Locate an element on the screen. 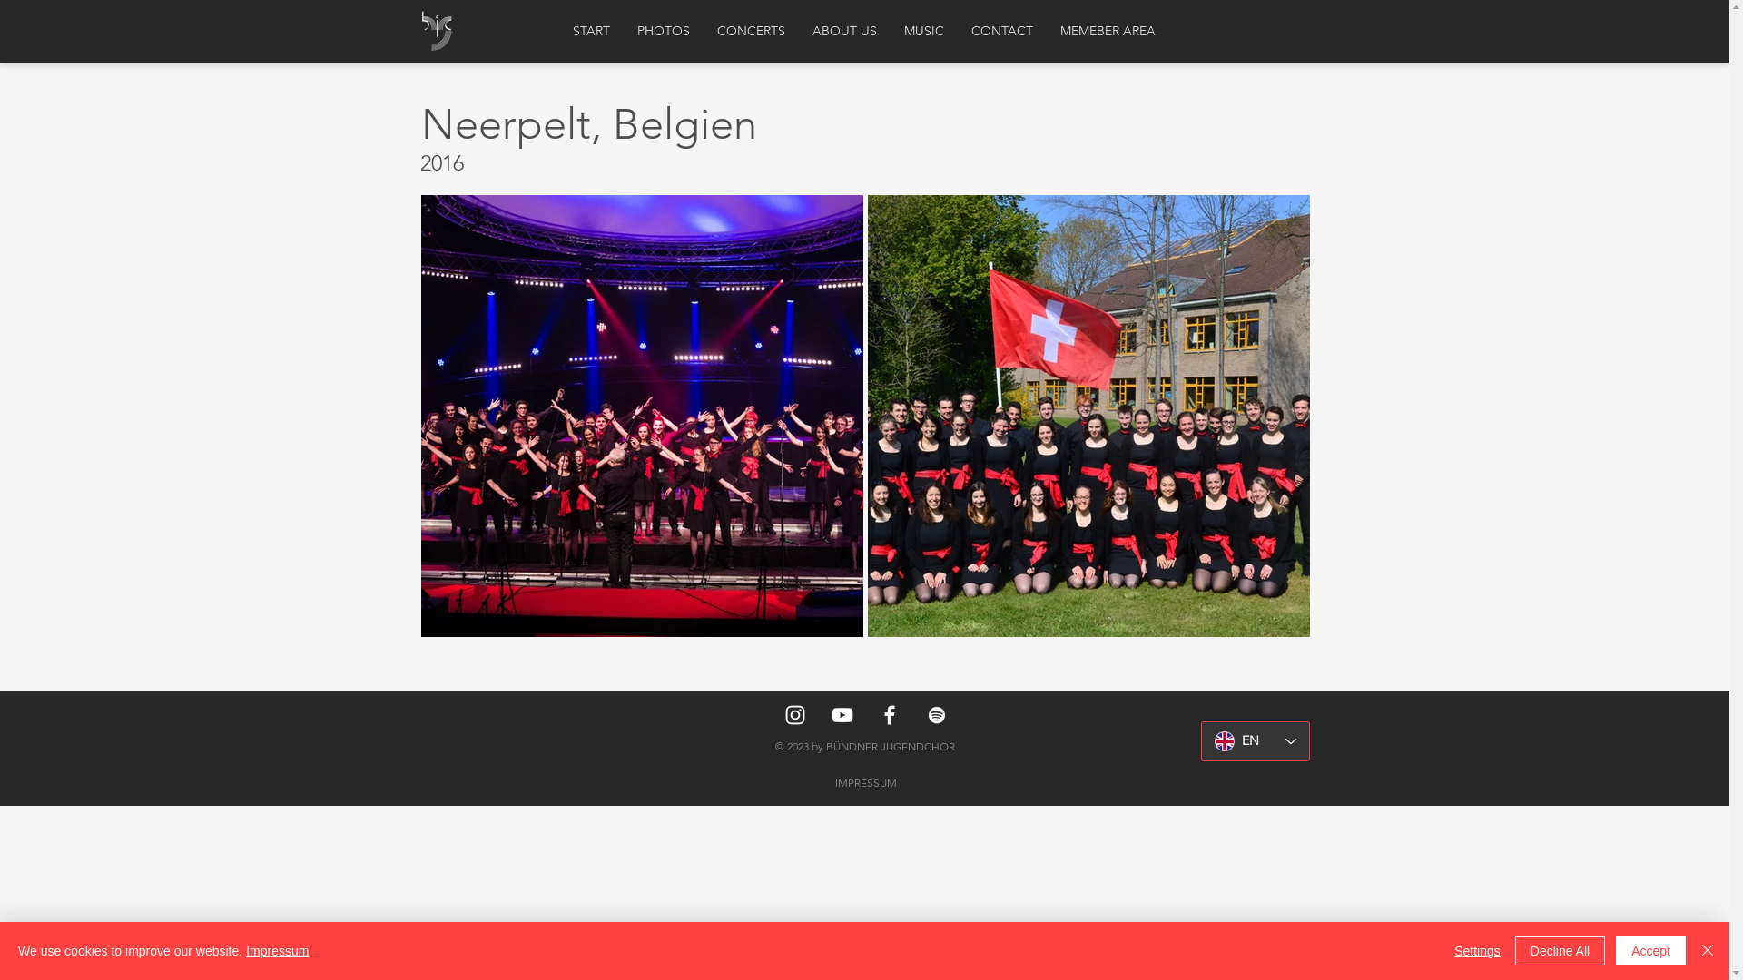  'Accept' is located at coordinates (1650, 950).